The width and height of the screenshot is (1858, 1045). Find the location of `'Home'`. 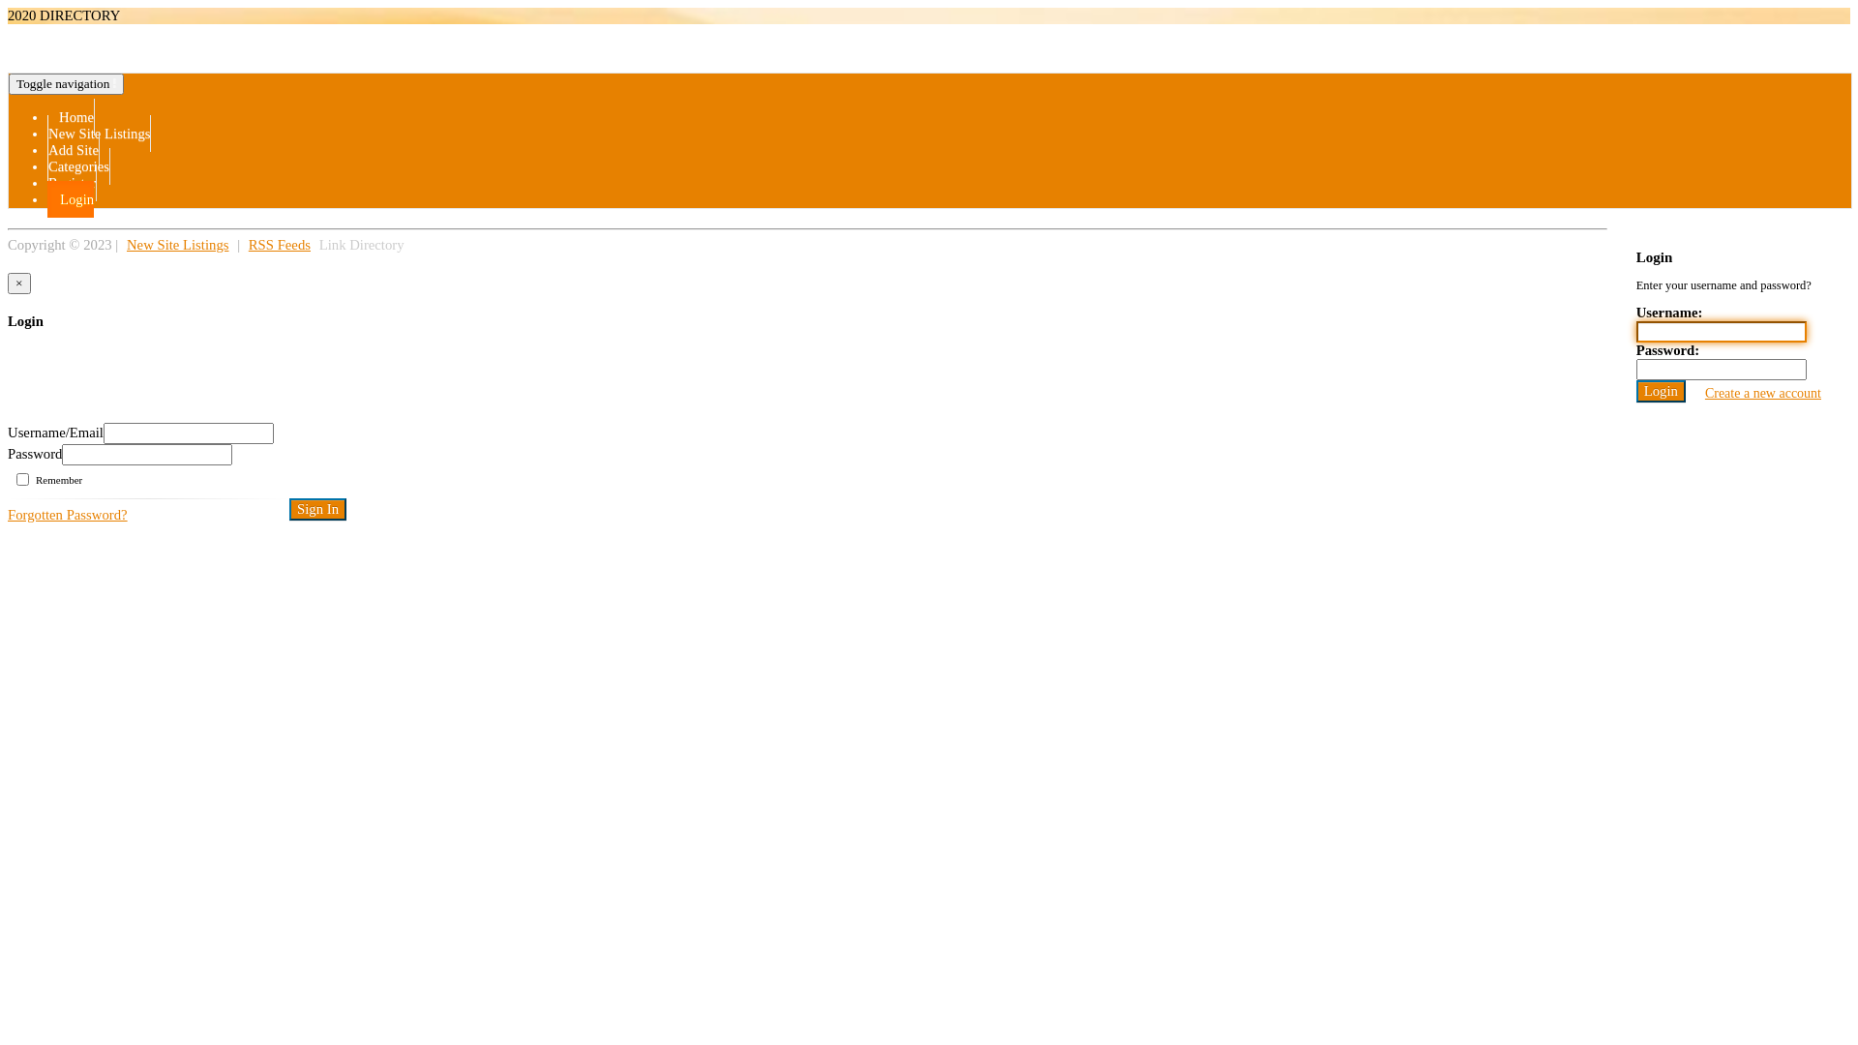

'Home' is located at coordinates (71, 116).